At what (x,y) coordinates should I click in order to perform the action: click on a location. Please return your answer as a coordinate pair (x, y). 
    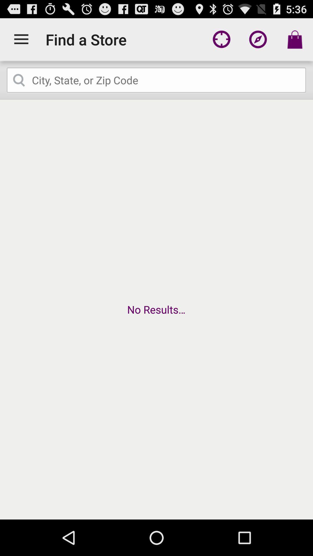
    Looking at the image, I should click on (156, 80).